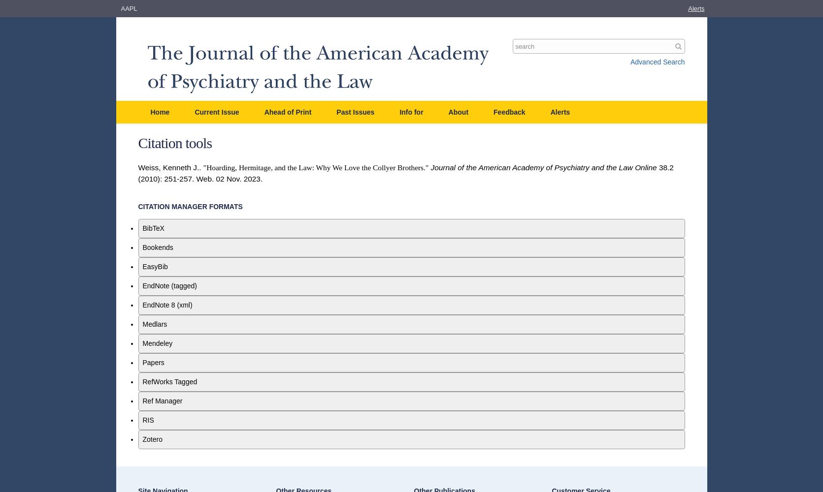  I want to click on 'Alerts', so click(695, 8).